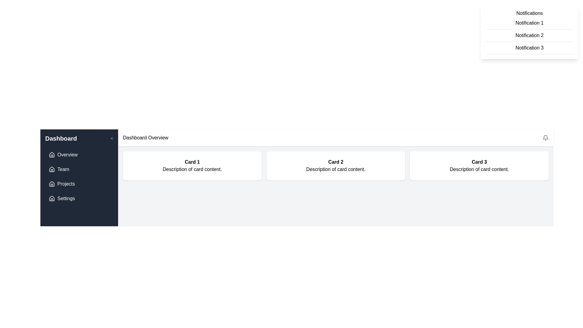 The height and width of the screenshot is (328, 583). Describe the element at coordinates (79, 199) in the screenshot. I see `the 'Settings' menu item button, which is the fourth item in the vertically stacked menu on the left sidebar` at that location.